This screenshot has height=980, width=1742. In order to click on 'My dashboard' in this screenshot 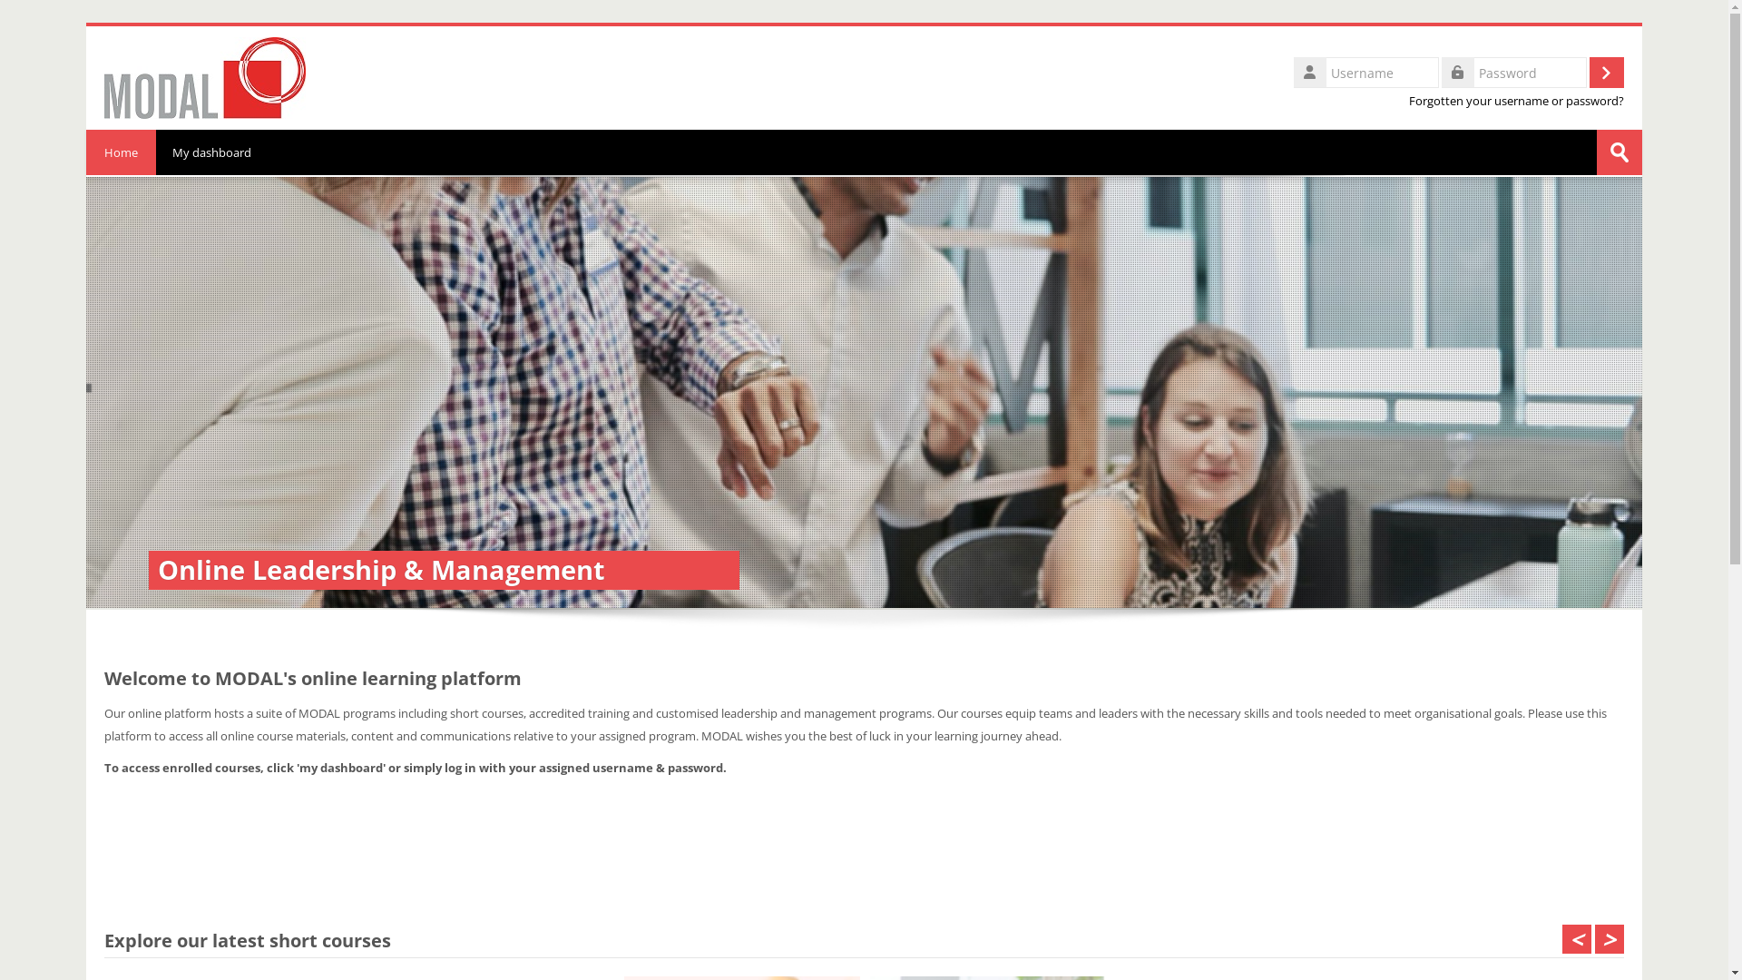, I will do `click(211, 152)`.